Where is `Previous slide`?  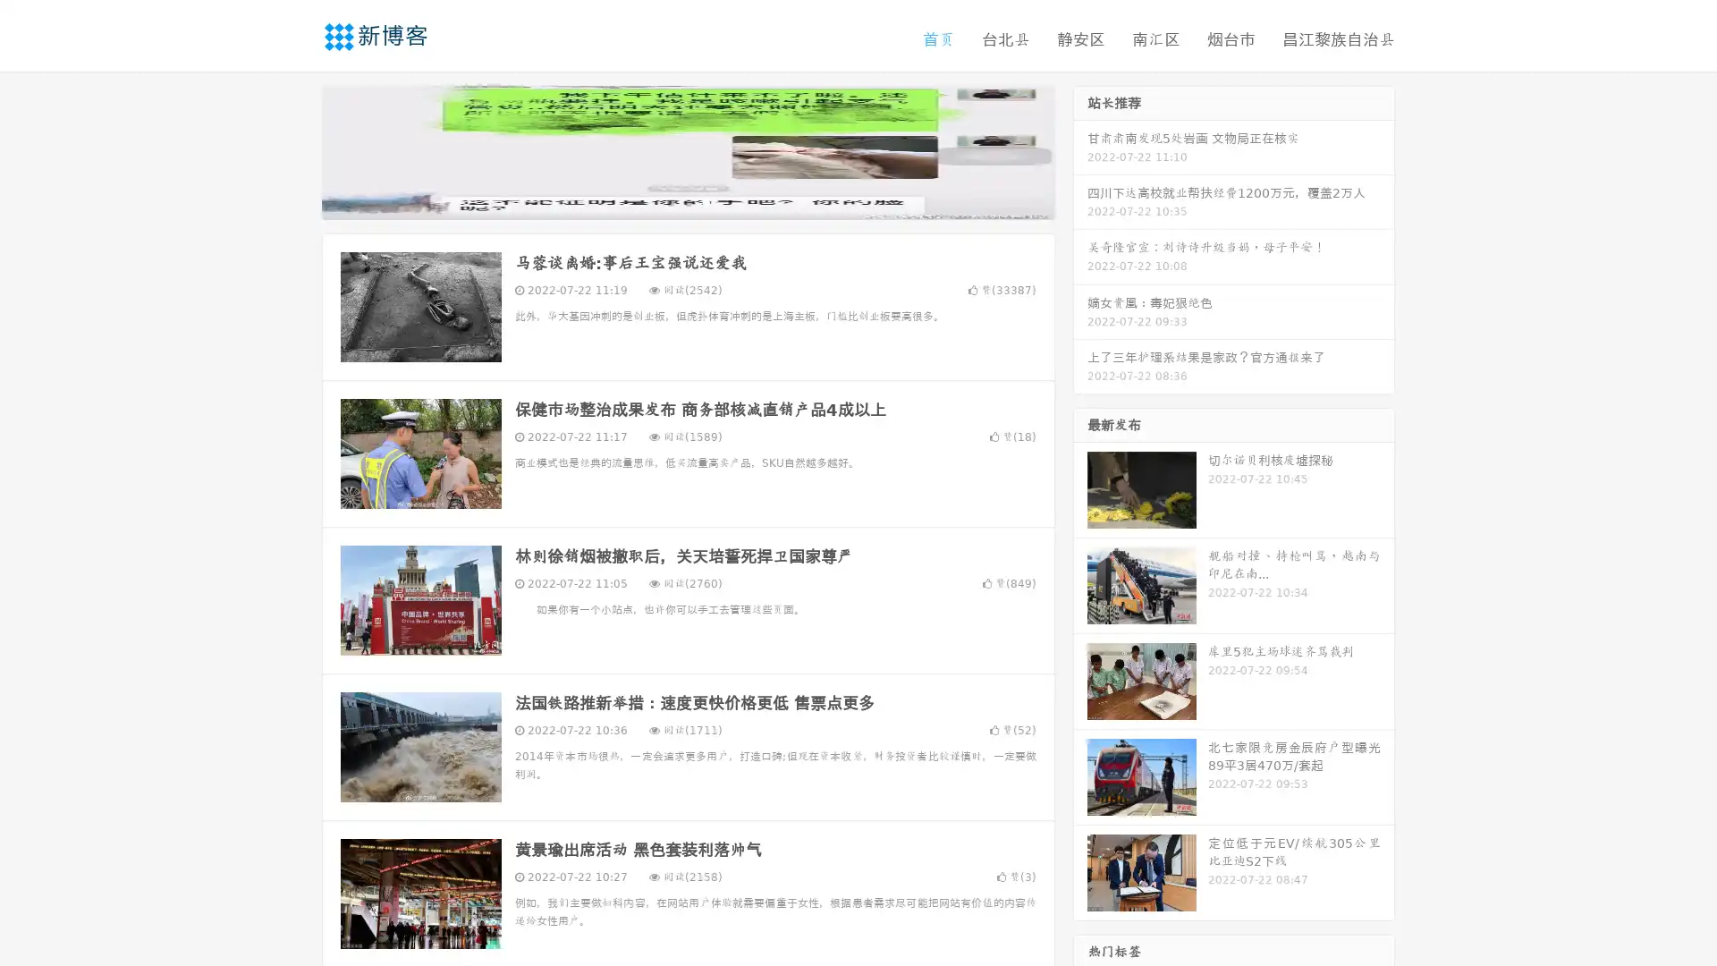
Previous slide is located at coordinates (295, 150).